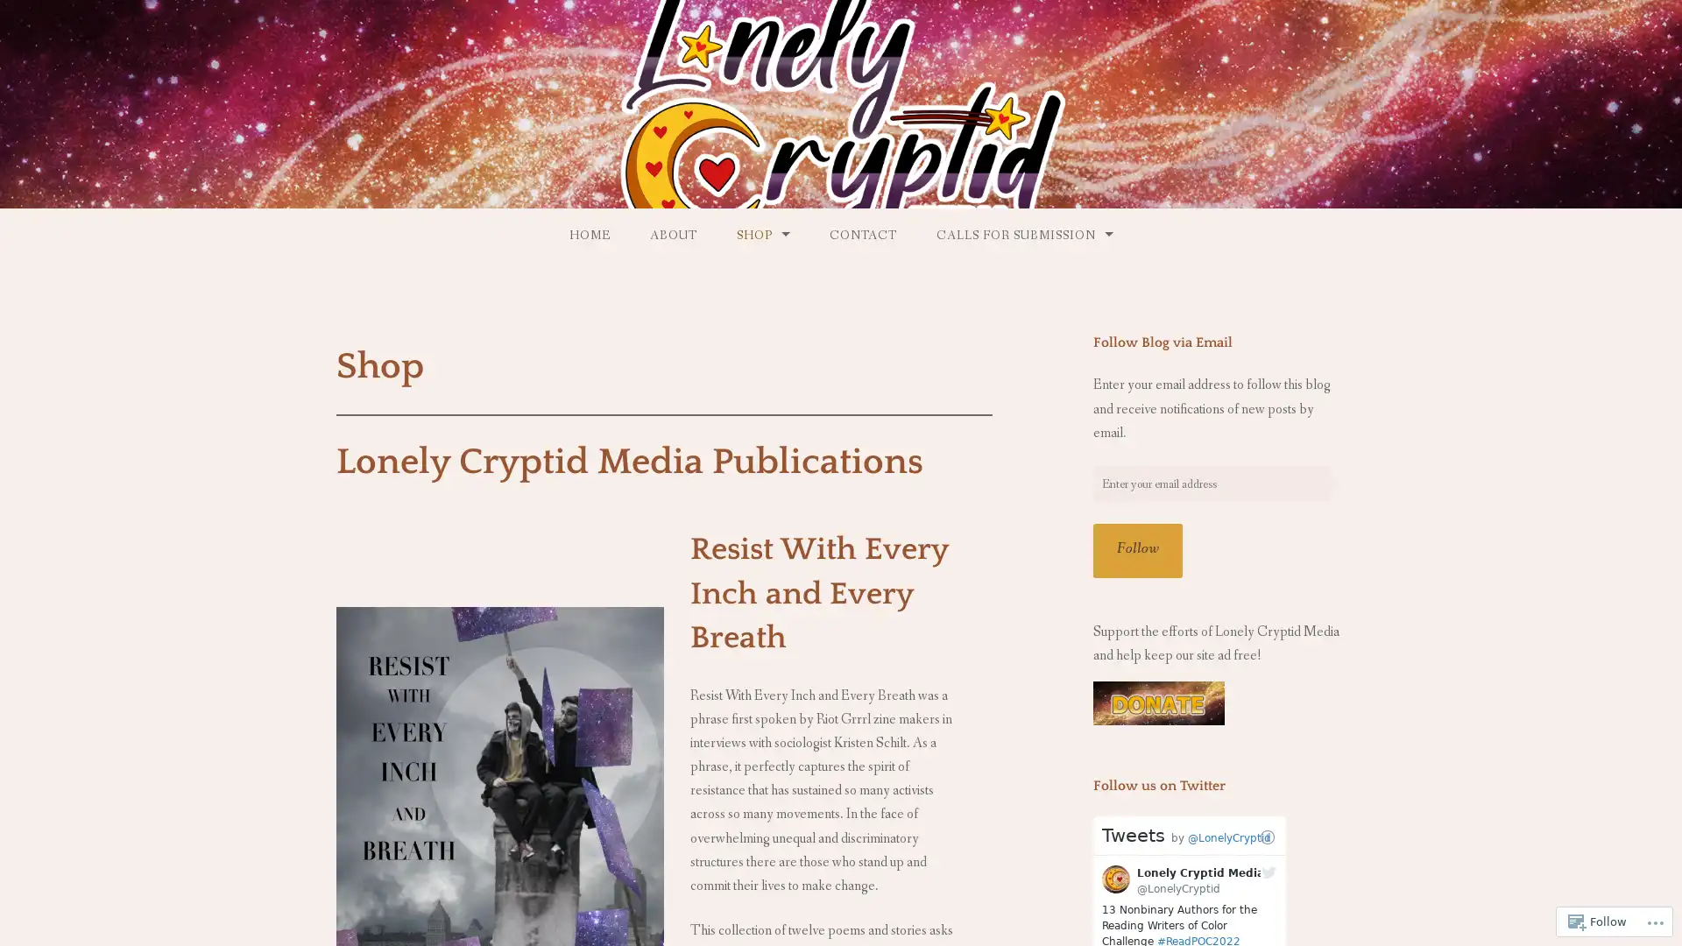 The height and width of the screenshot is (946, 1682). What do you see at coordinates (1138, 549) in the screenshot?
I see `Follow` at bounding box center [1138, 549].